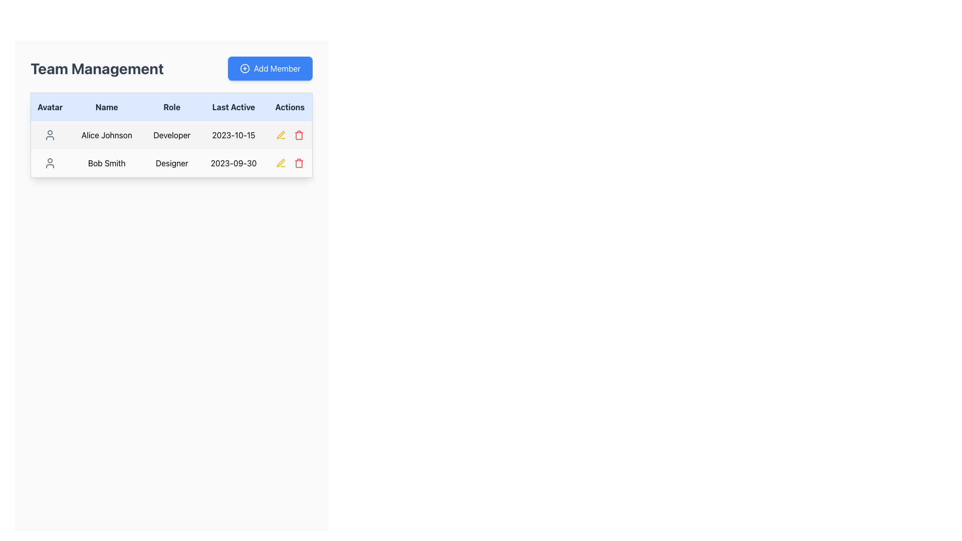 The height and width of the screenshot is (541, 962). I want to click on the addition icon located to the left of the 'Add Member' text within the blue button in the top-right section of the 'Team Management' panel, so click(245, 68).